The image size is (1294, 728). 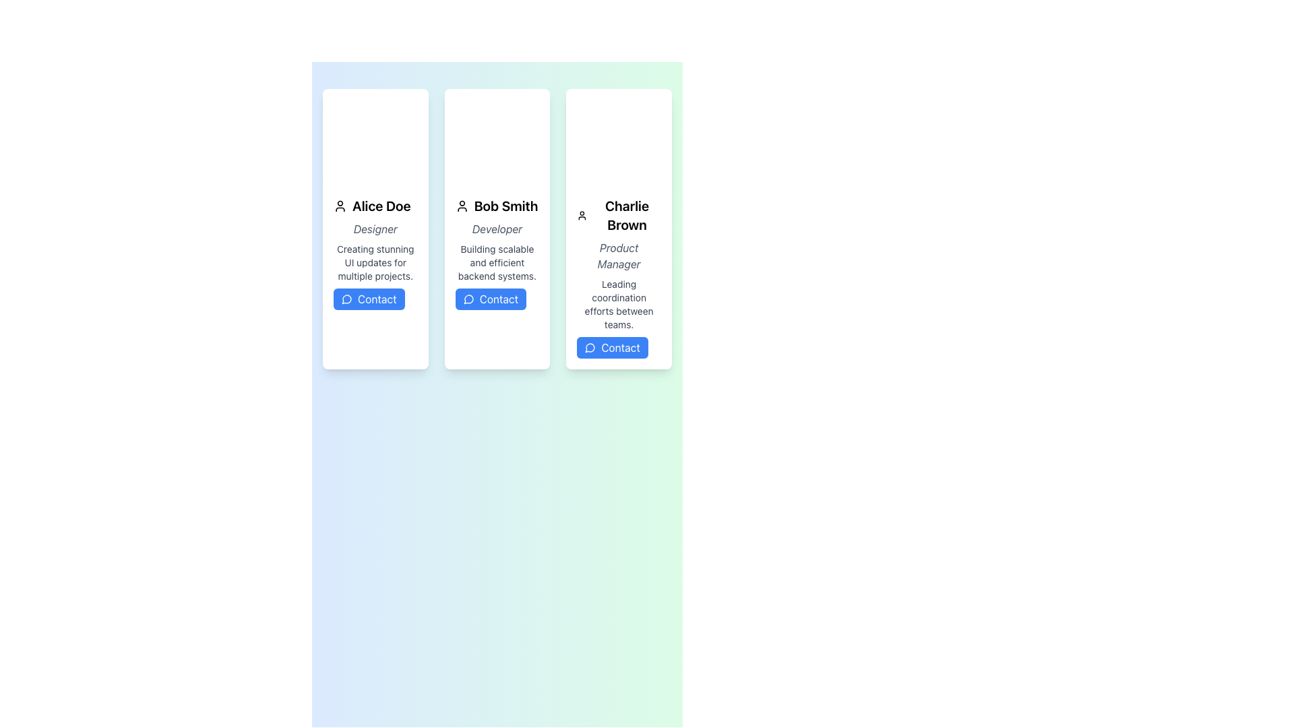 What do you see at coordinates (497, 138) in the screenshot?
I see `the profile card image placeholder for 'Bob Smith', which is a rectangular element with a light background and rounded top corners, located at the center of three vertical cards` at bounding box center [497, 138].